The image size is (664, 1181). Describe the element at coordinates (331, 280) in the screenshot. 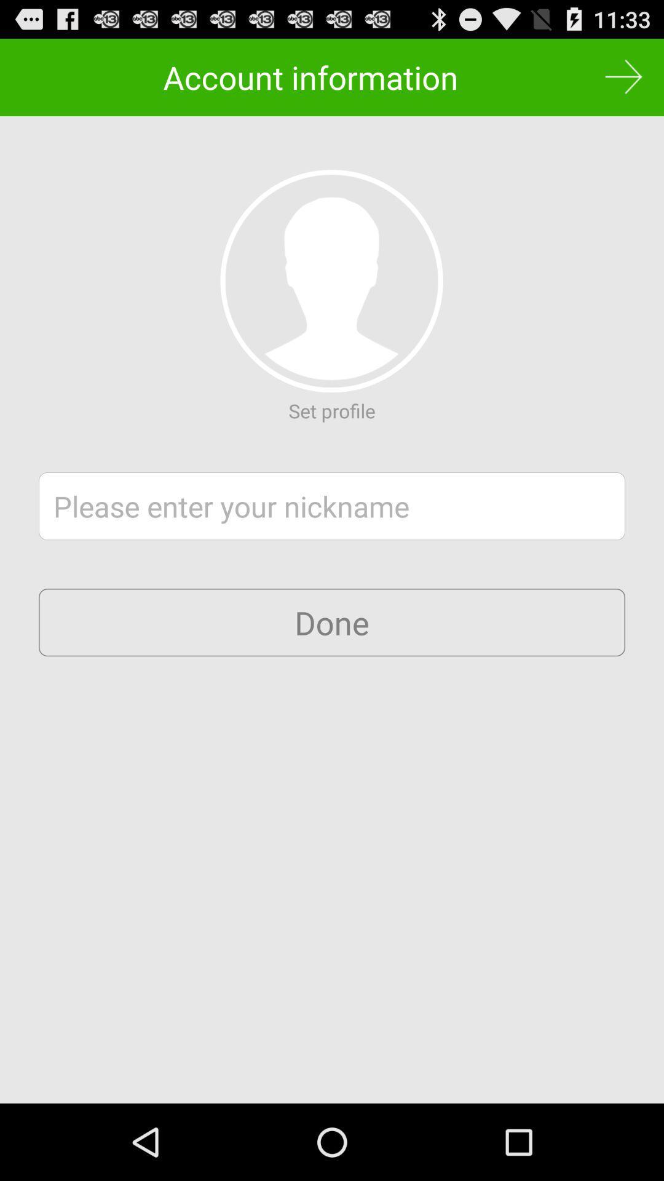

I see `item below account information` at that location.